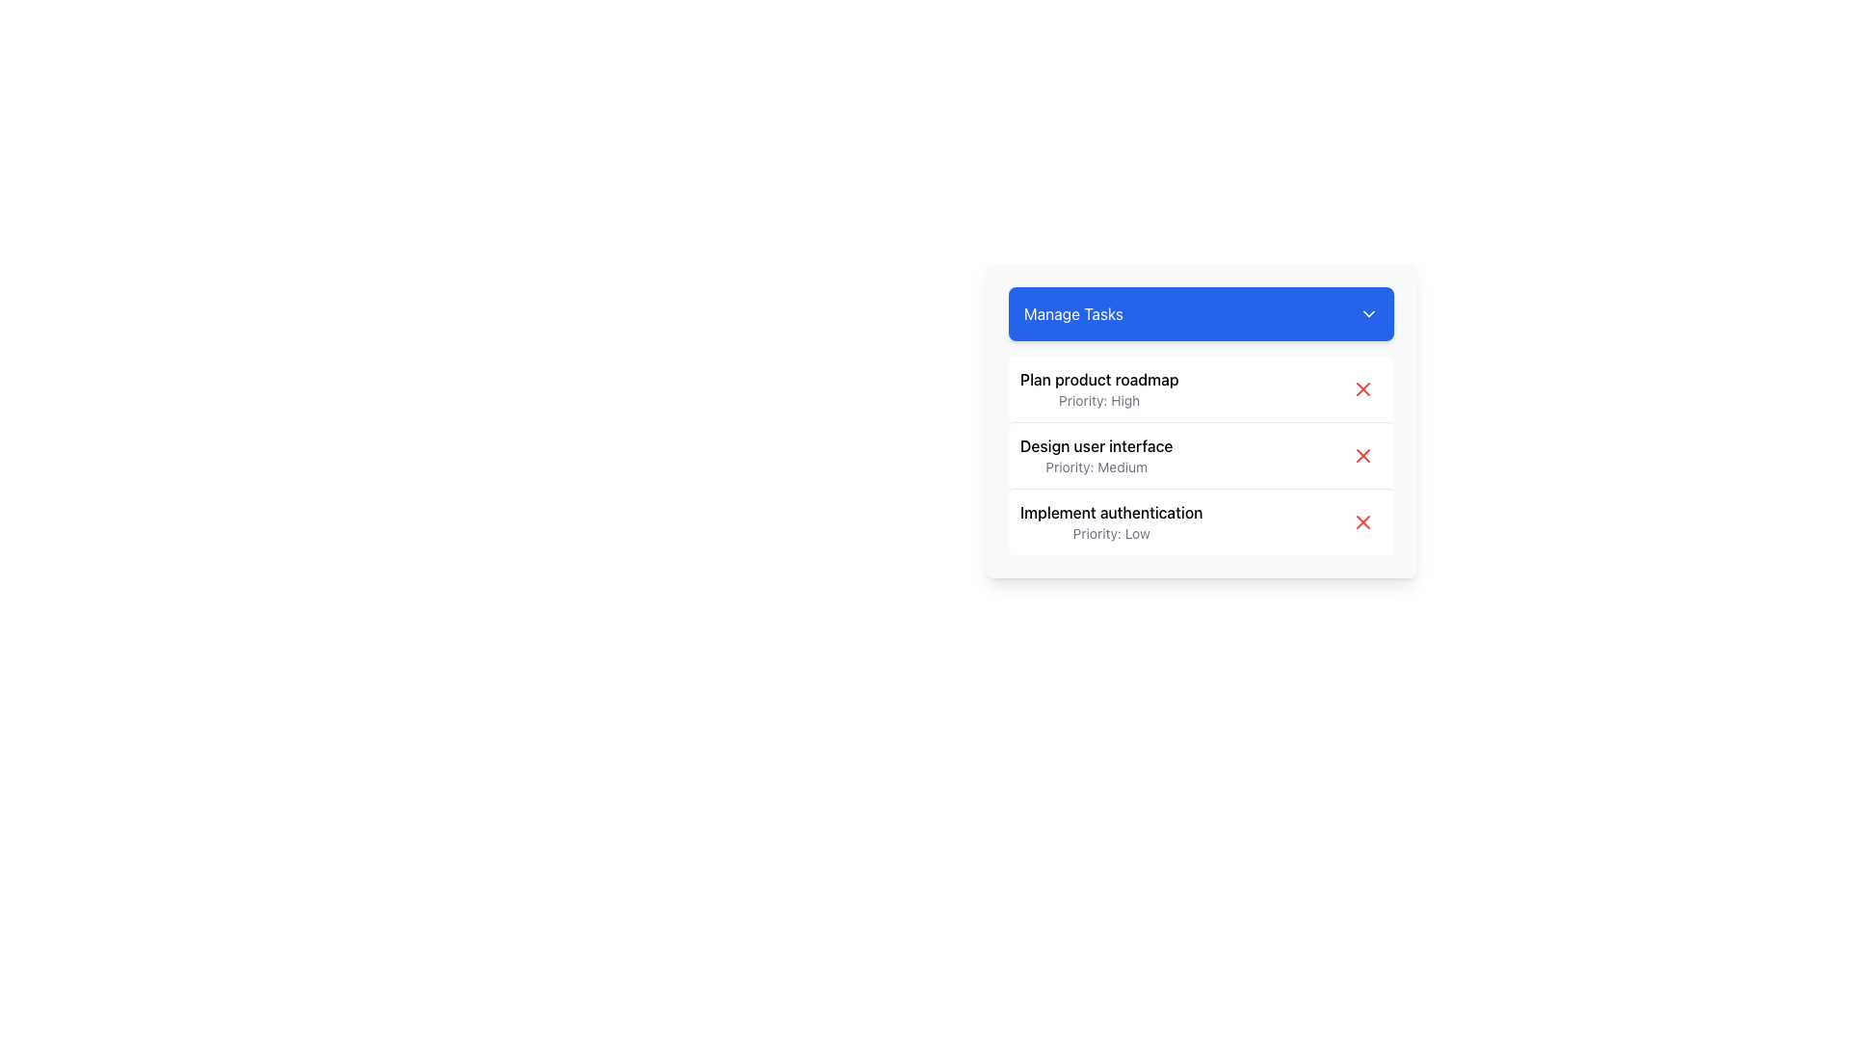 This screenshot has height=1041, width=1850. What do you see at coordinates (1201, 456) in the screenshot?
I see `the middle task titled 'Design user interface' in the 'Manage Tasks' card` at bounding box center [1201, 456].